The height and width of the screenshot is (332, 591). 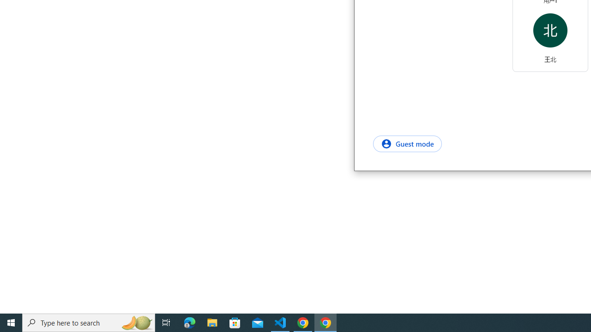 What do you see at coordinates (212, 322) in the screenshot?
I see `'File Explorer'` at bounding box center [212, 322].